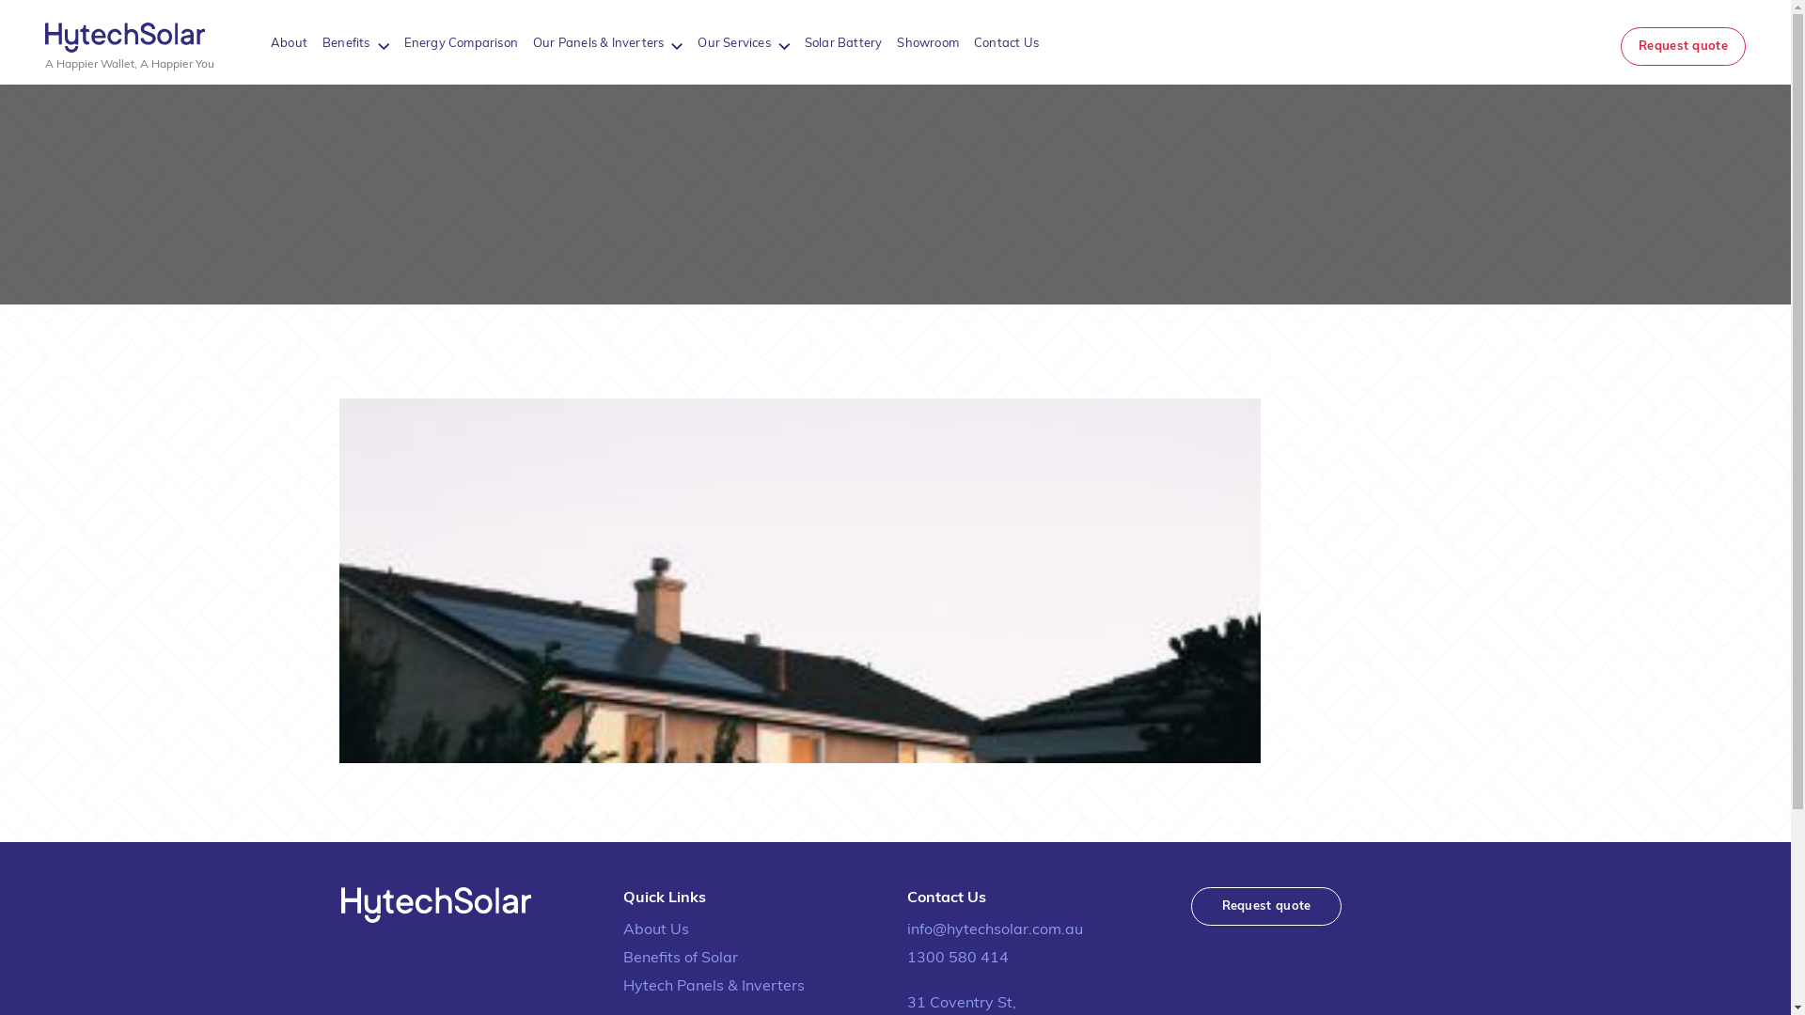 The image size is (1805, 1015). I want to click on '1300 580 414', so click(1036, 958).